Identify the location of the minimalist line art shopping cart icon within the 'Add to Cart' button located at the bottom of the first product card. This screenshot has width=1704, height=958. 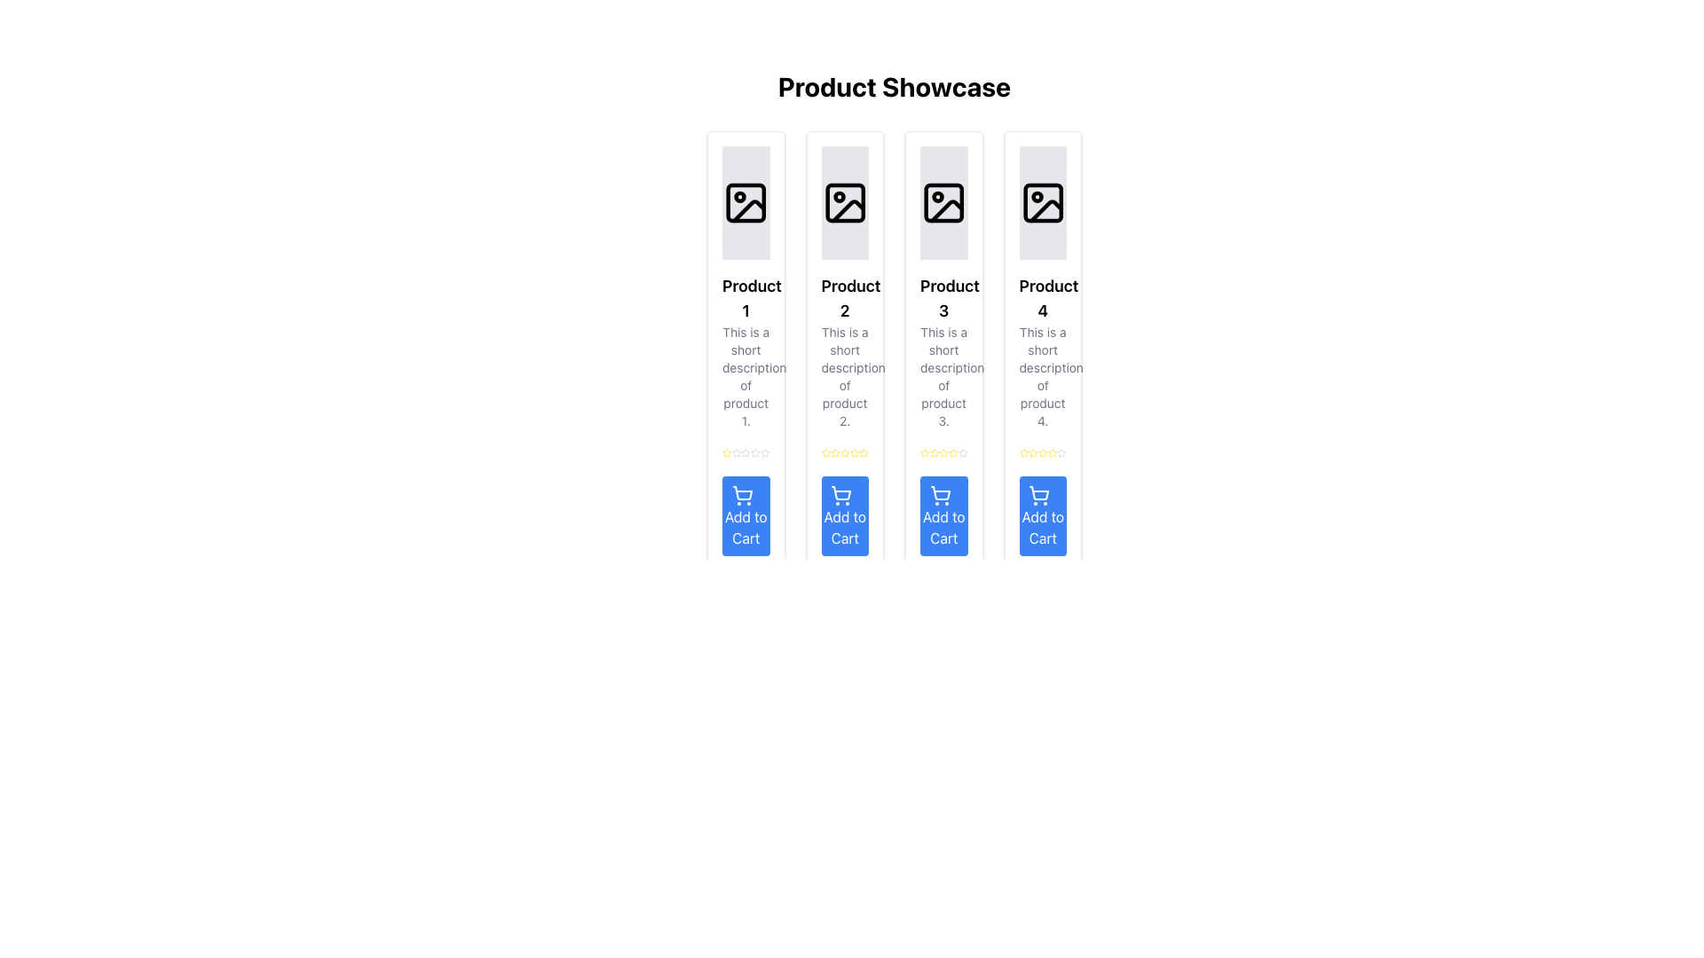
(742, 495).